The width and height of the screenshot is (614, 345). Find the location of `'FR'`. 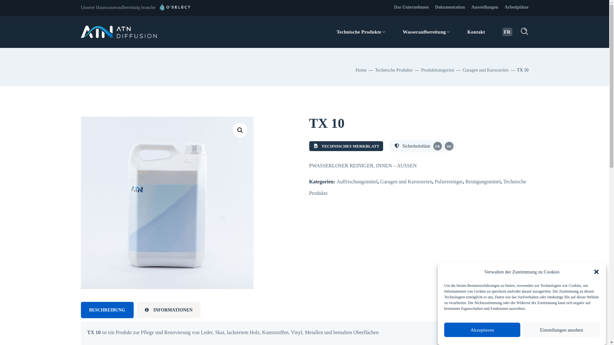

'FR' is located at coordinates (437, 146).